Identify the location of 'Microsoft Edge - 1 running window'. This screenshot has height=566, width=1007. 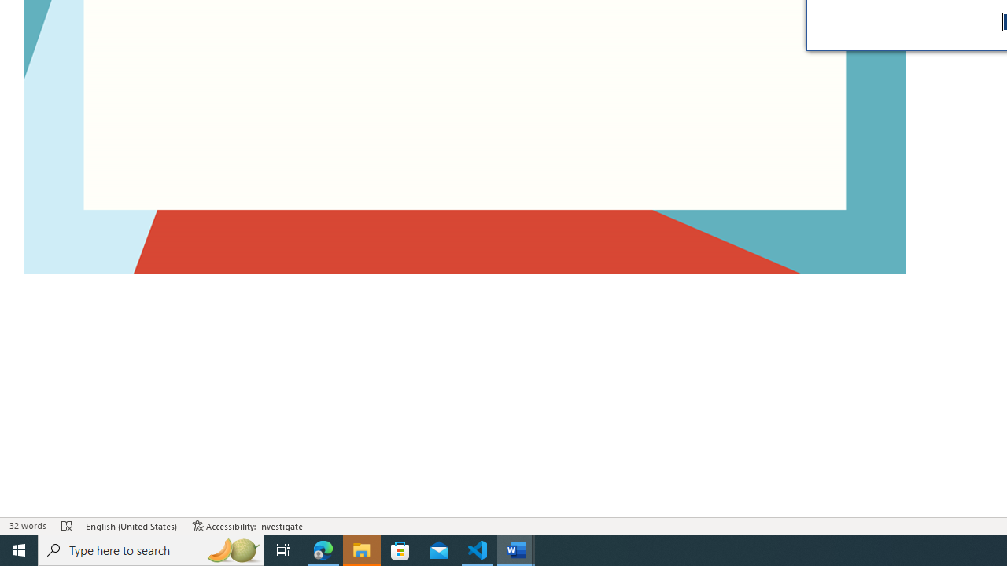
(323, 549).